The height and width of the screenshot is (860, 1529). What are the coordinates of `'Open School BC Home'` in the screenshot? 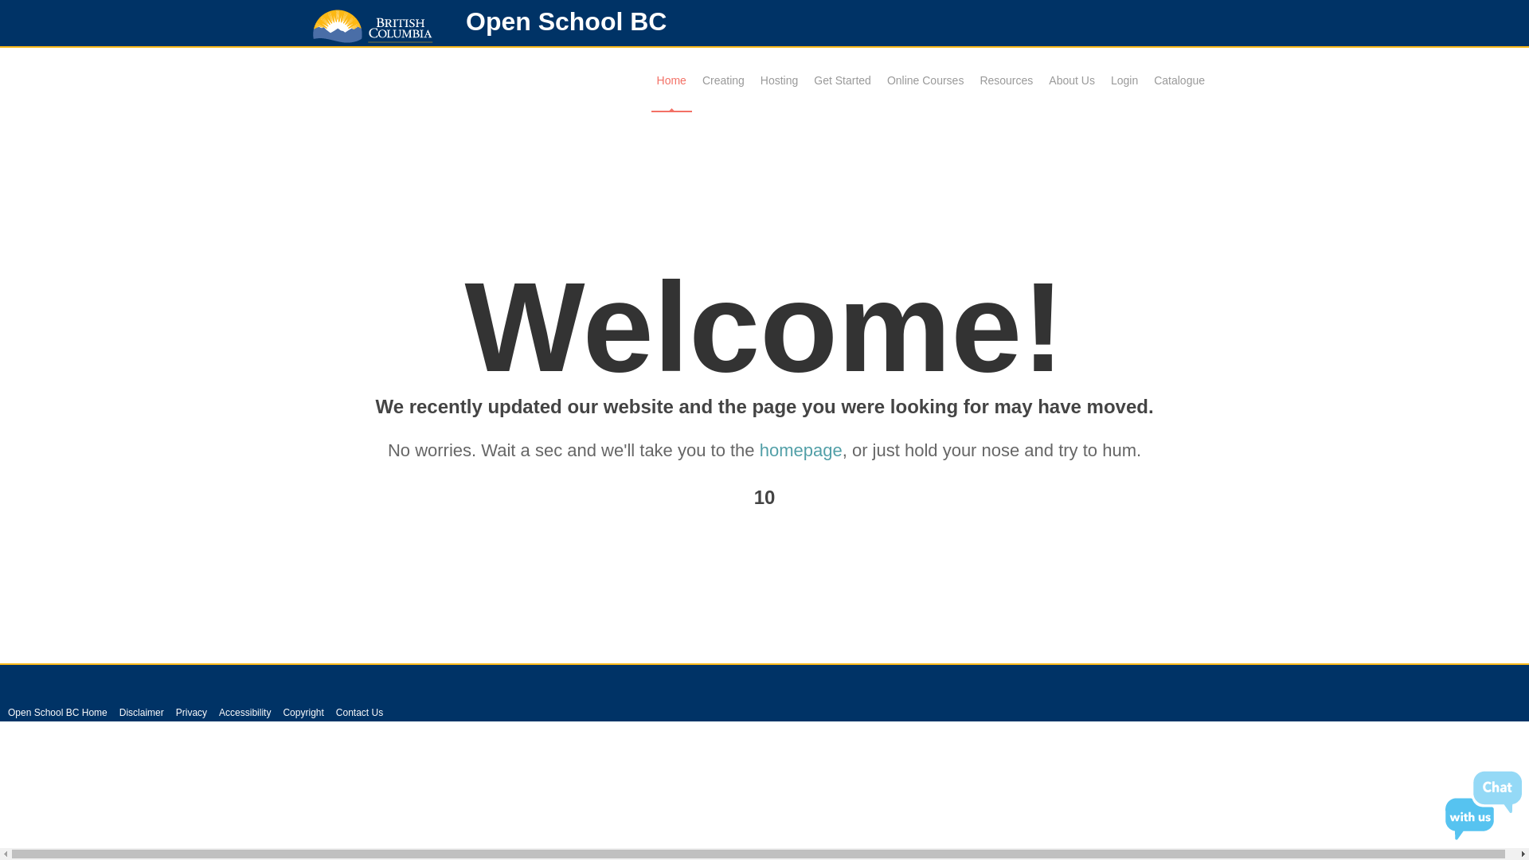 It's located at (57, 712).